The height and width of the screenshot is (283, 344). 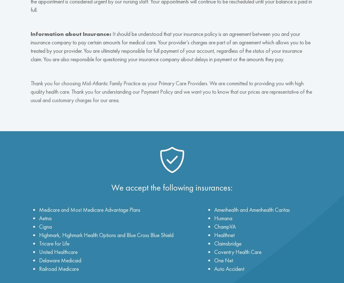 What do you see at coordinates (238, 251) in the screenshot?
I see `'Coventry Health Care'` at bounding box center [238, 251].